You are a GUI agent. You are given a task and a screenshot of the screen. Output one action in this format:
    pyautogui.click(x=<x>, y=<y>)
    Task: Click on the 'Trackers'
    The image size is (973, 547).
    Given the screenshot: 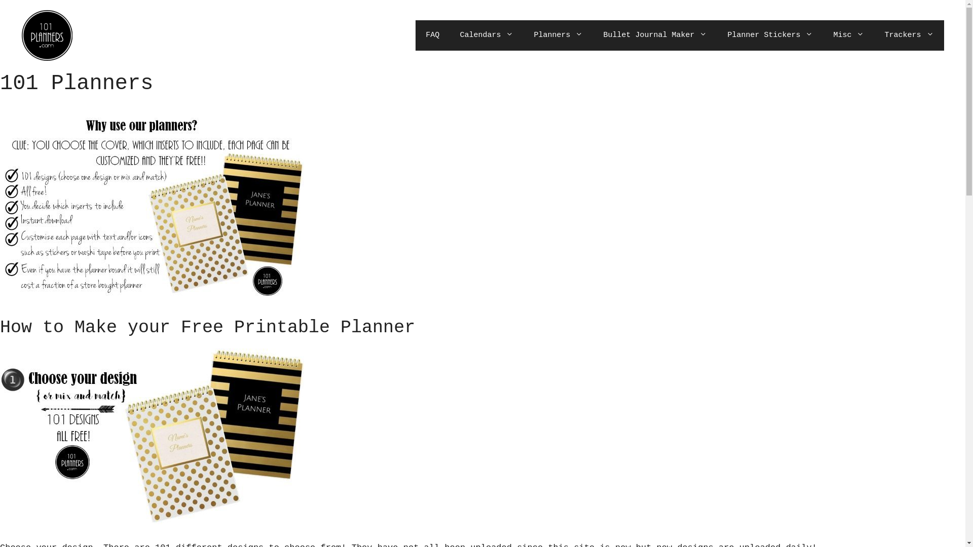 What is the action you would take?
    pyautogui.click(x=909, y=34)
    